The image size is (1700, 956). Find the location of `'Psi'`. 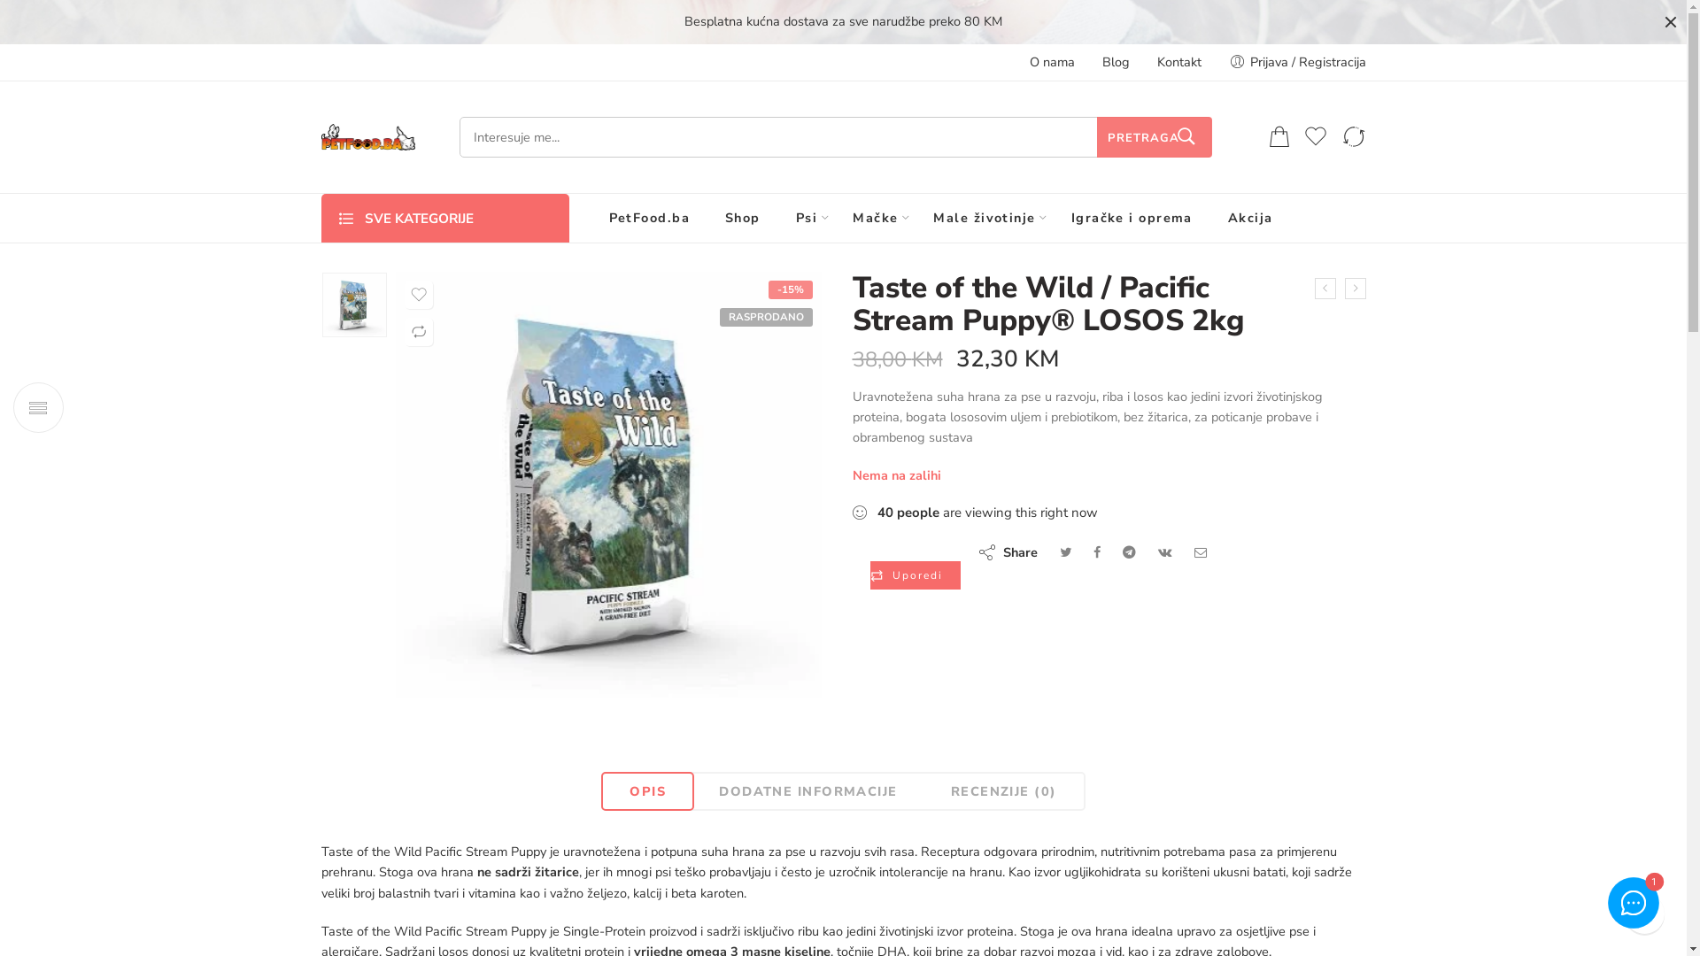

'Psi' is located at coordinates (806, 217).